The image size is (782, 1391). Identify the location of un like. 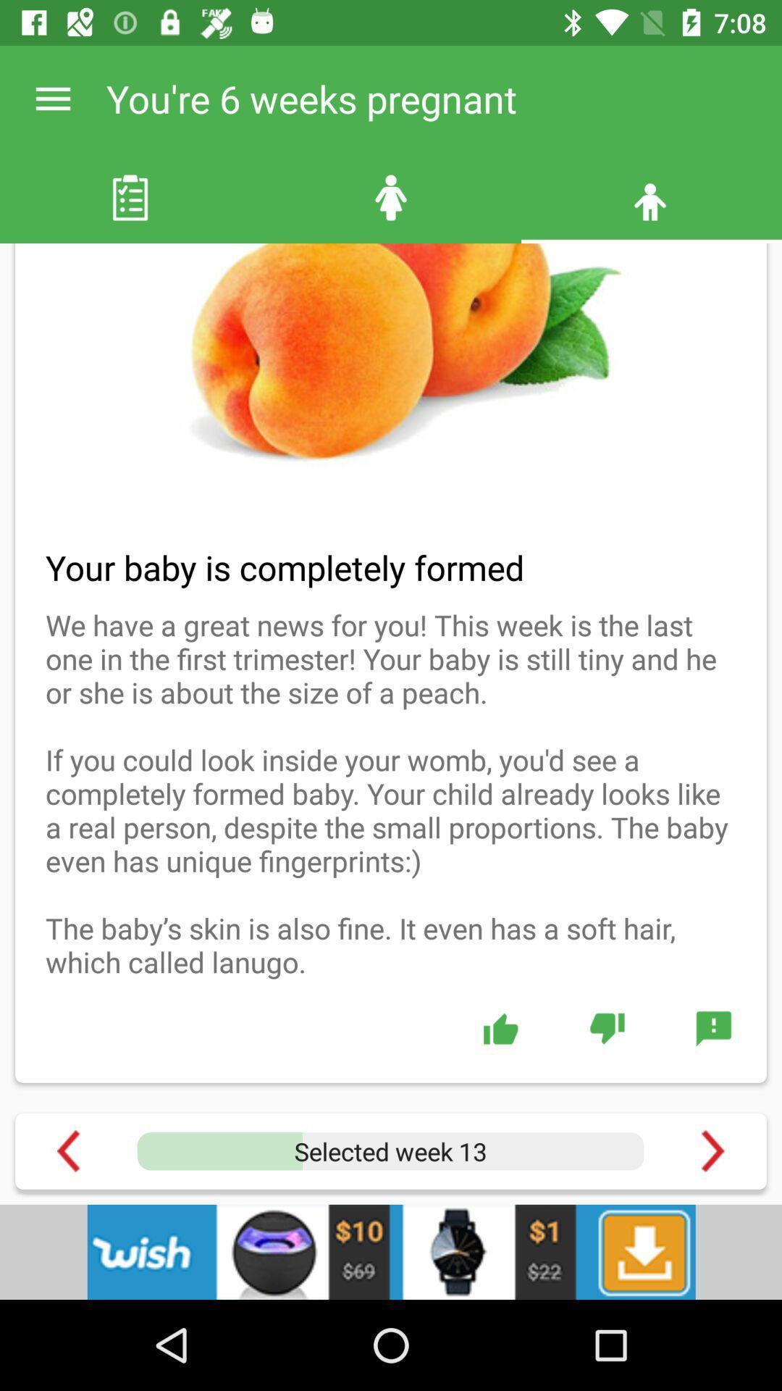
(607, 1027).